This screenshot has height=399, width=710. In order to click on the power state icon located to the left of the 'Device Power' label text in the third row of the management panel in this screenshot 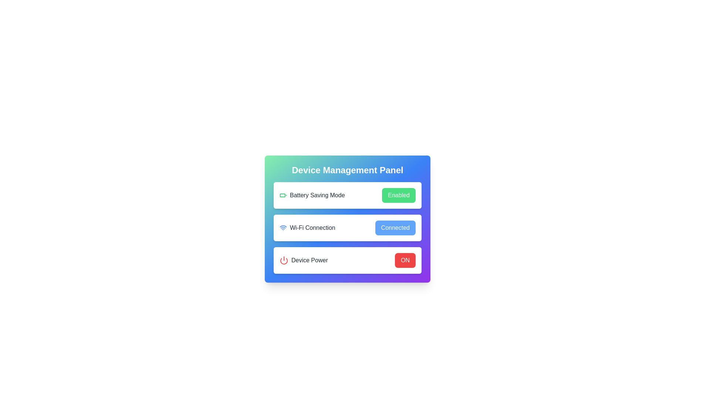, I will do `click(284, 260)`.